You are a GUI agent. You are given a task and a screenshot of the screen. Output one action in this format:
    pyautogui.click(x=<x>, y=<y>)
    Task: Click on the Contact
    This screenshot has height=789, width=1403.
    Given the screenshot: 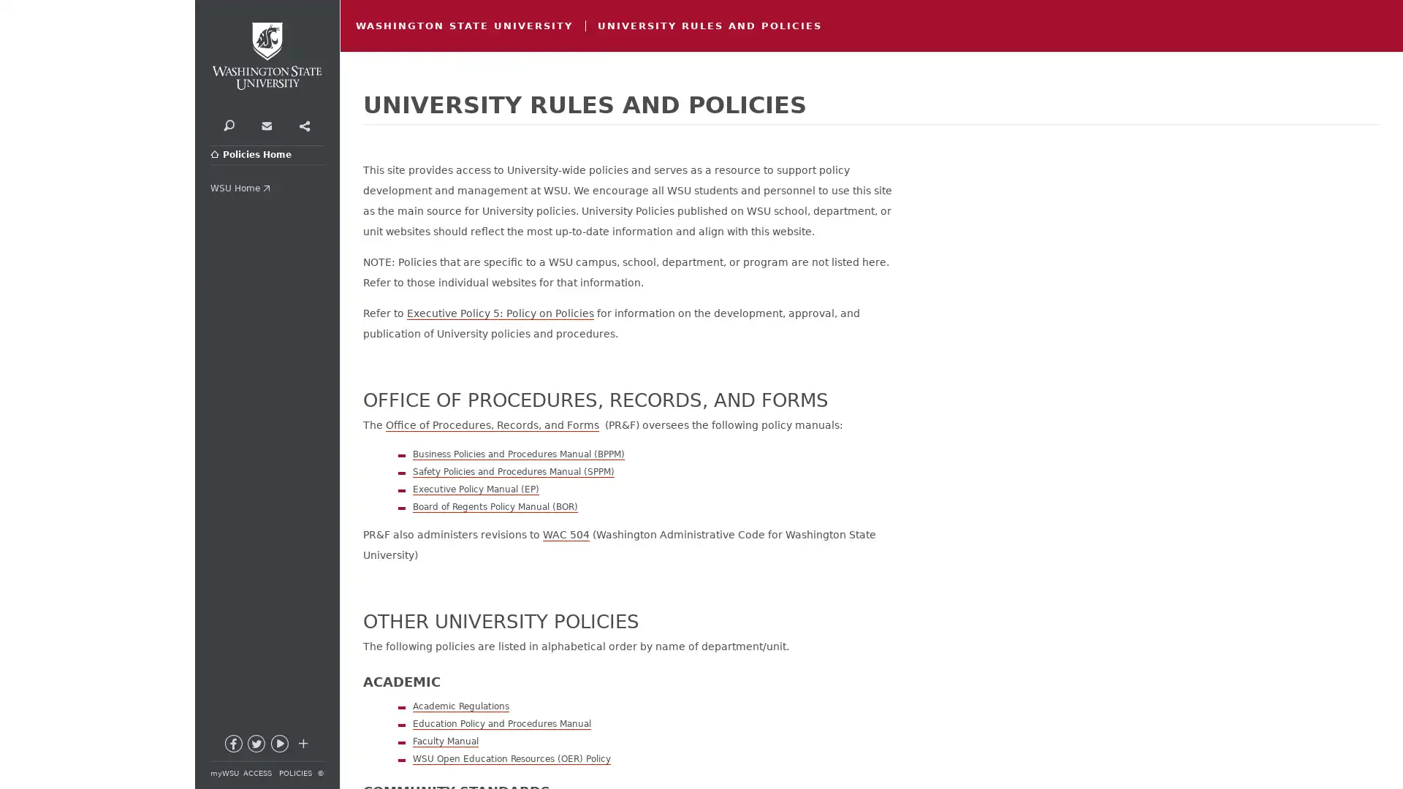 What is the action you would take?
    pyautogui.click(x=266, y=123)
    